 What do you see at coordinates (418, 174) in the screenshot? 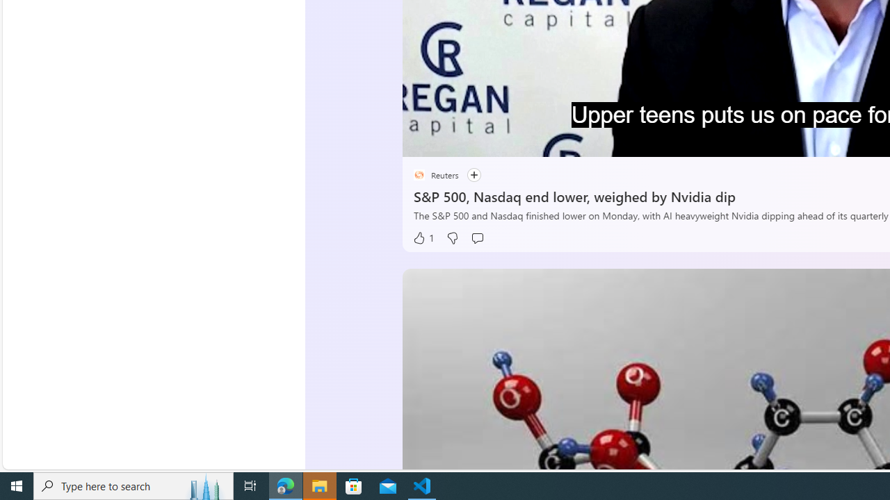
I see `'placeholder'` at bounding box center [418, 174].